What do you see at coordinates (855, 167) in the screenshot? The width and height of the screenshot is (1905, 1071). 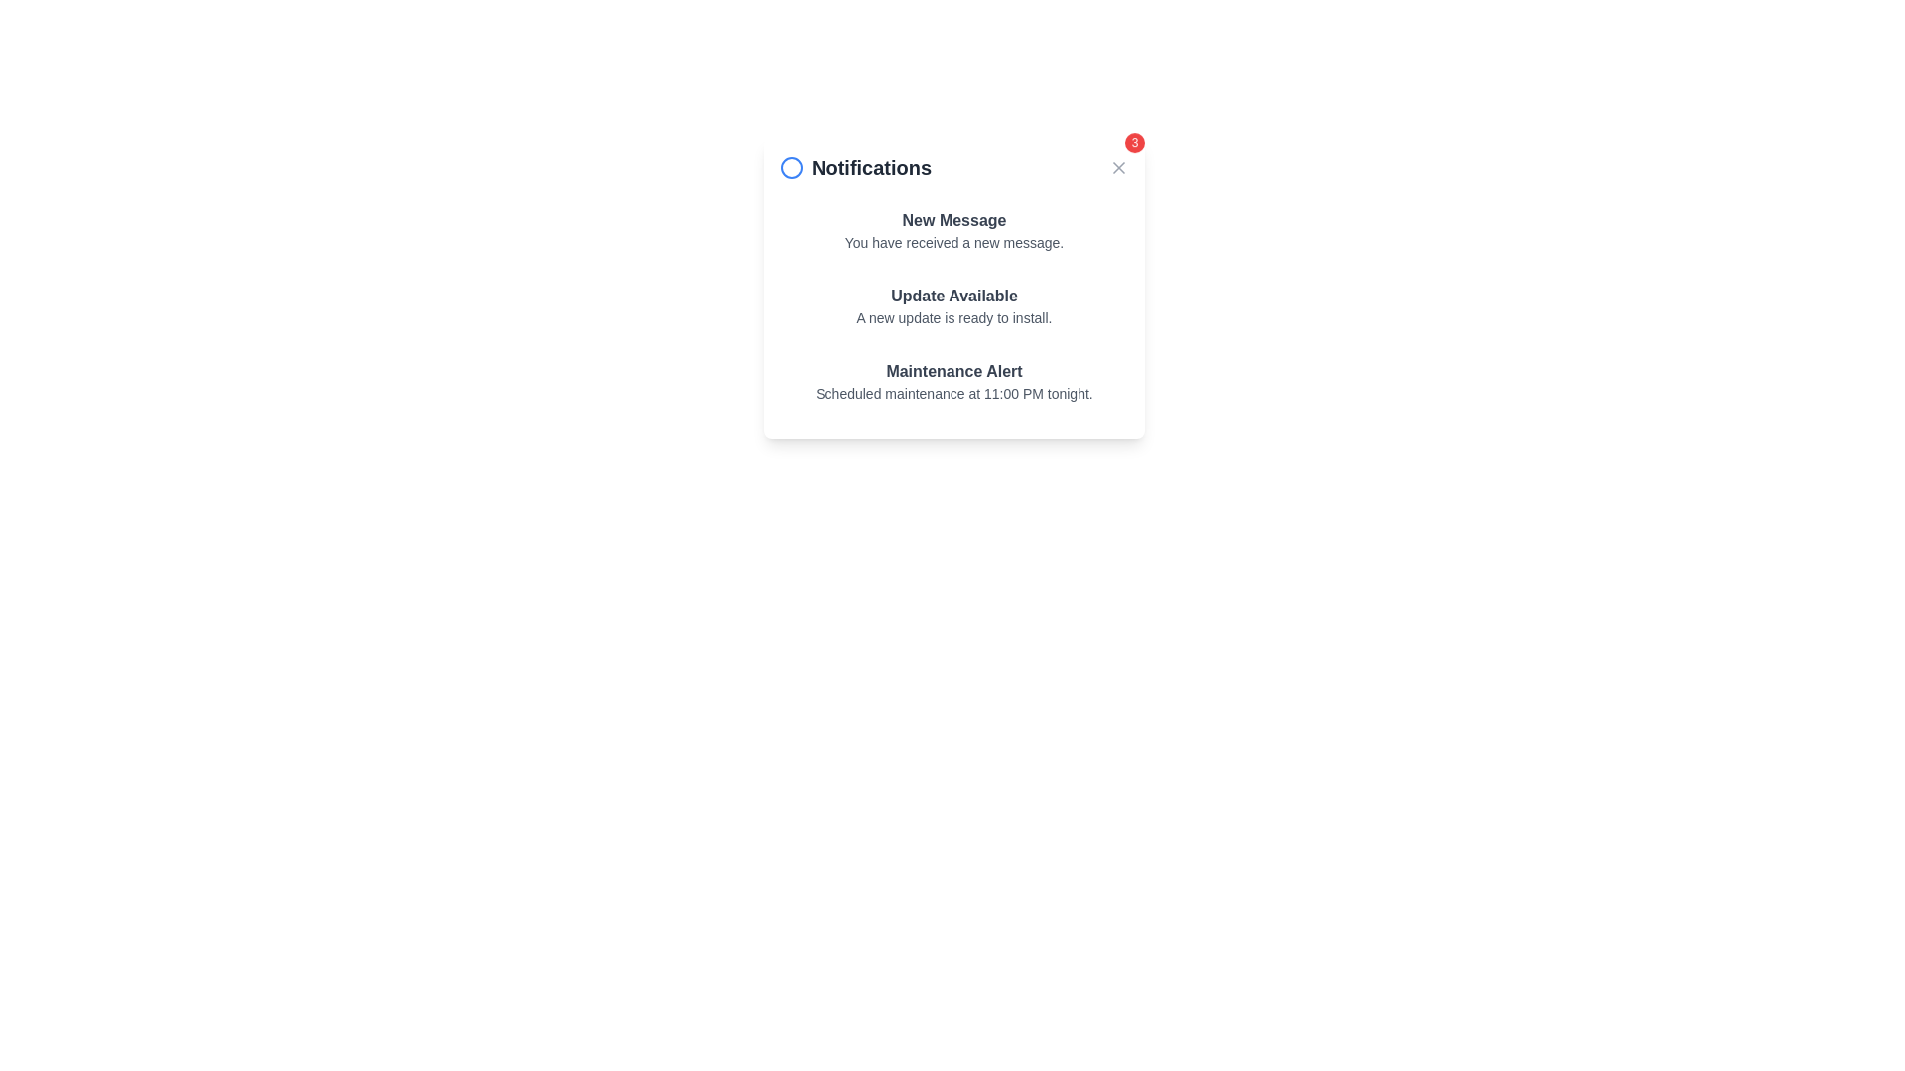 I see `the text label with an associated icon that serves as the title or header for the notification panel, located at the top-left section of the panel` at bounding box center [855, 167].